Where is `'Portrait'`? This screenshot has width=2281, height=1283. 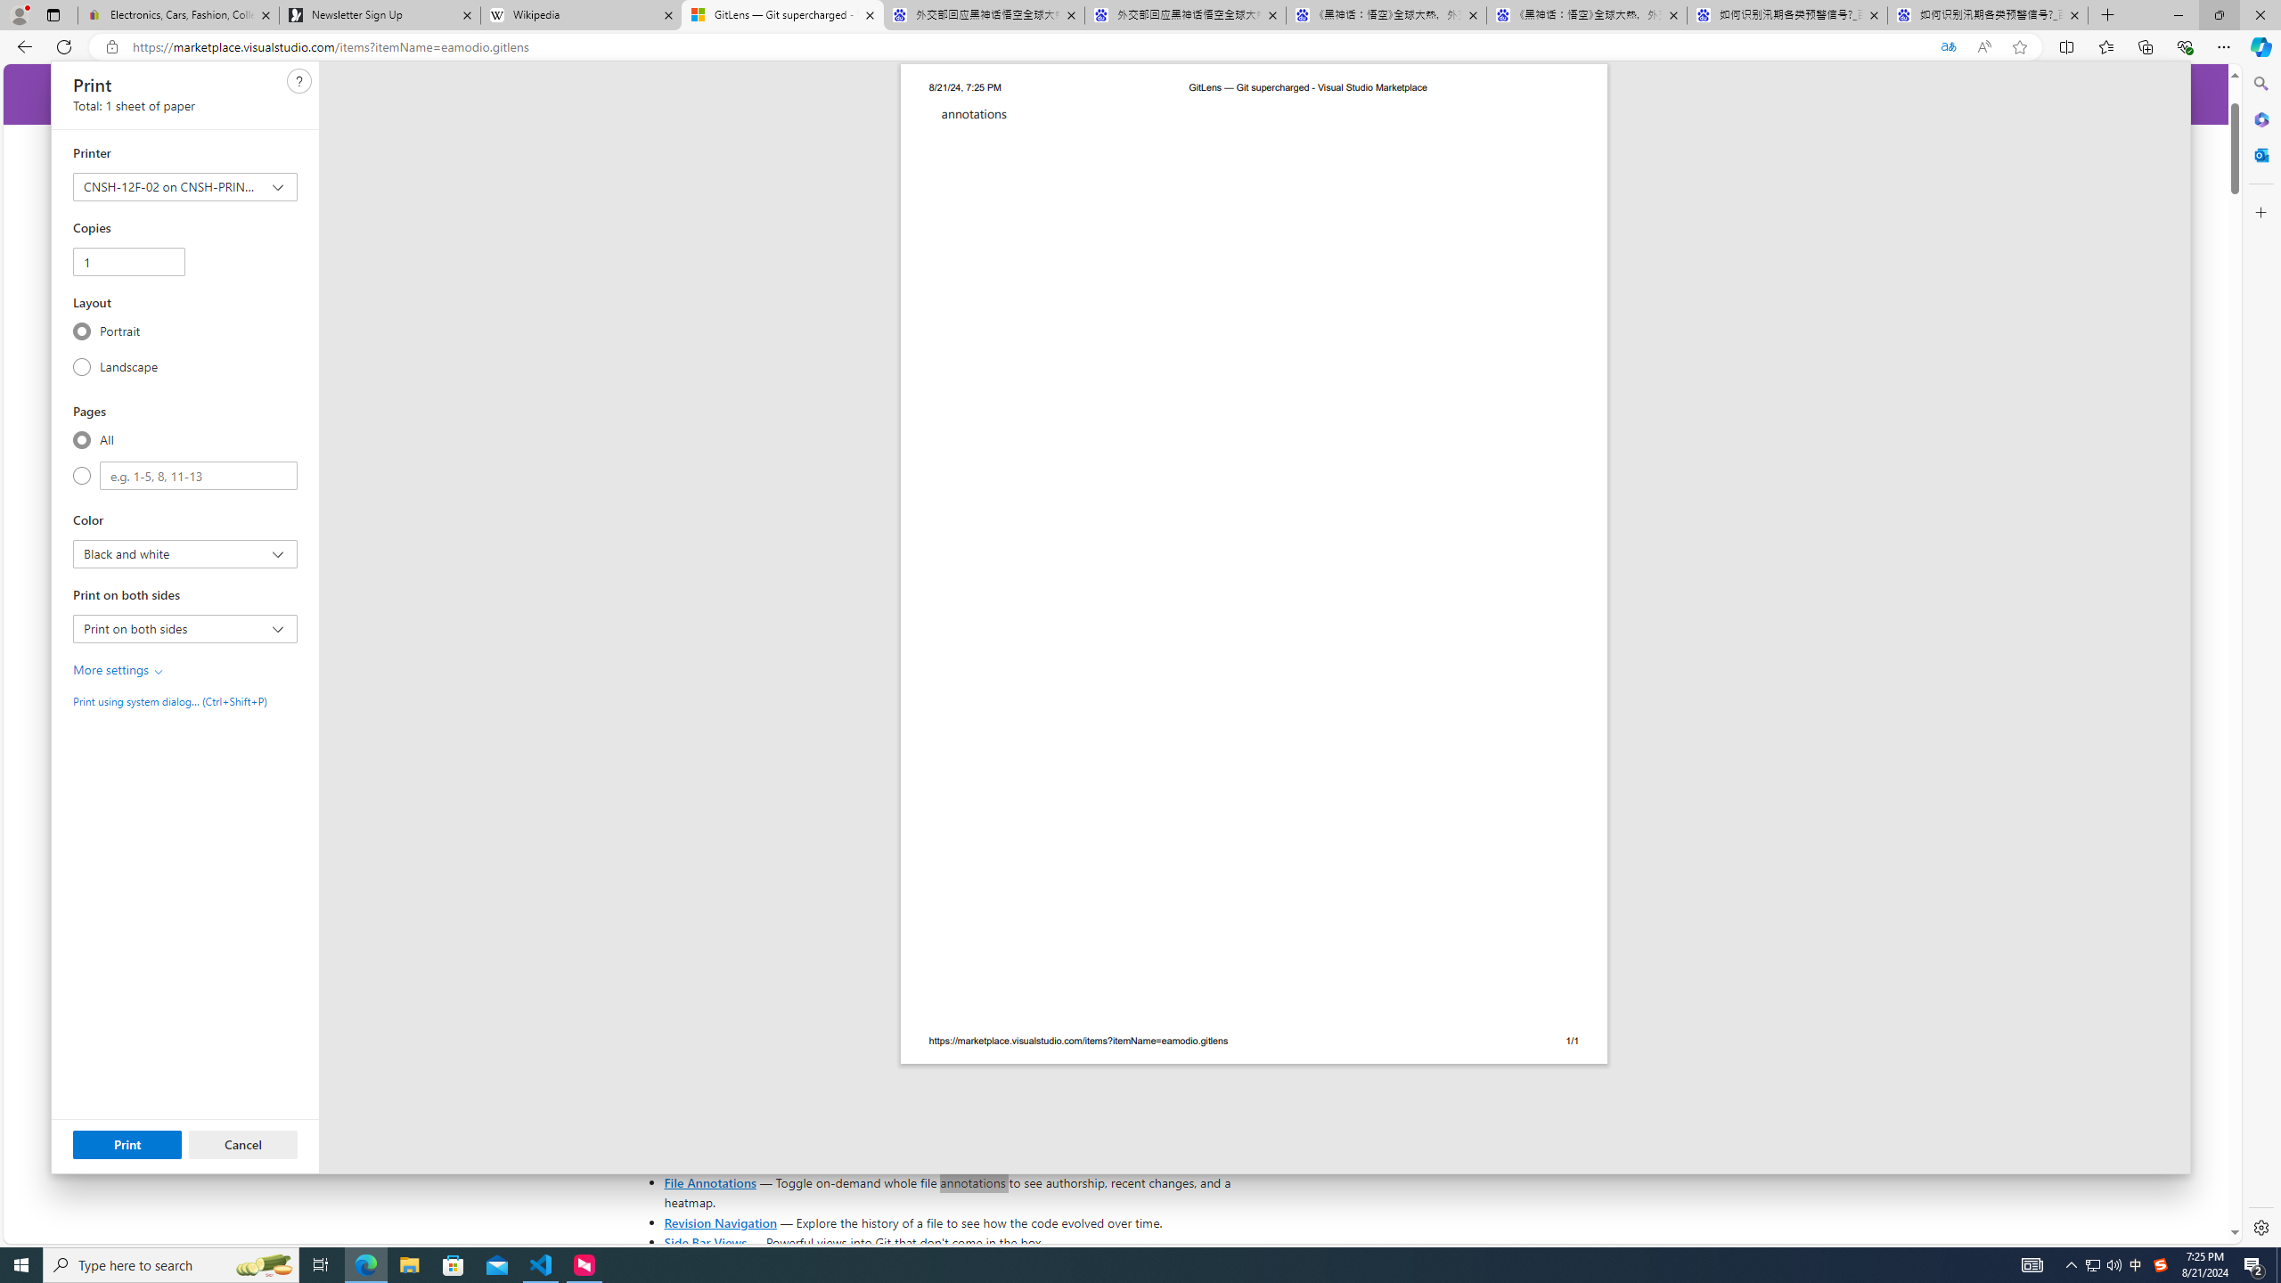 'Portrait' is located at coordinates (81, 331).